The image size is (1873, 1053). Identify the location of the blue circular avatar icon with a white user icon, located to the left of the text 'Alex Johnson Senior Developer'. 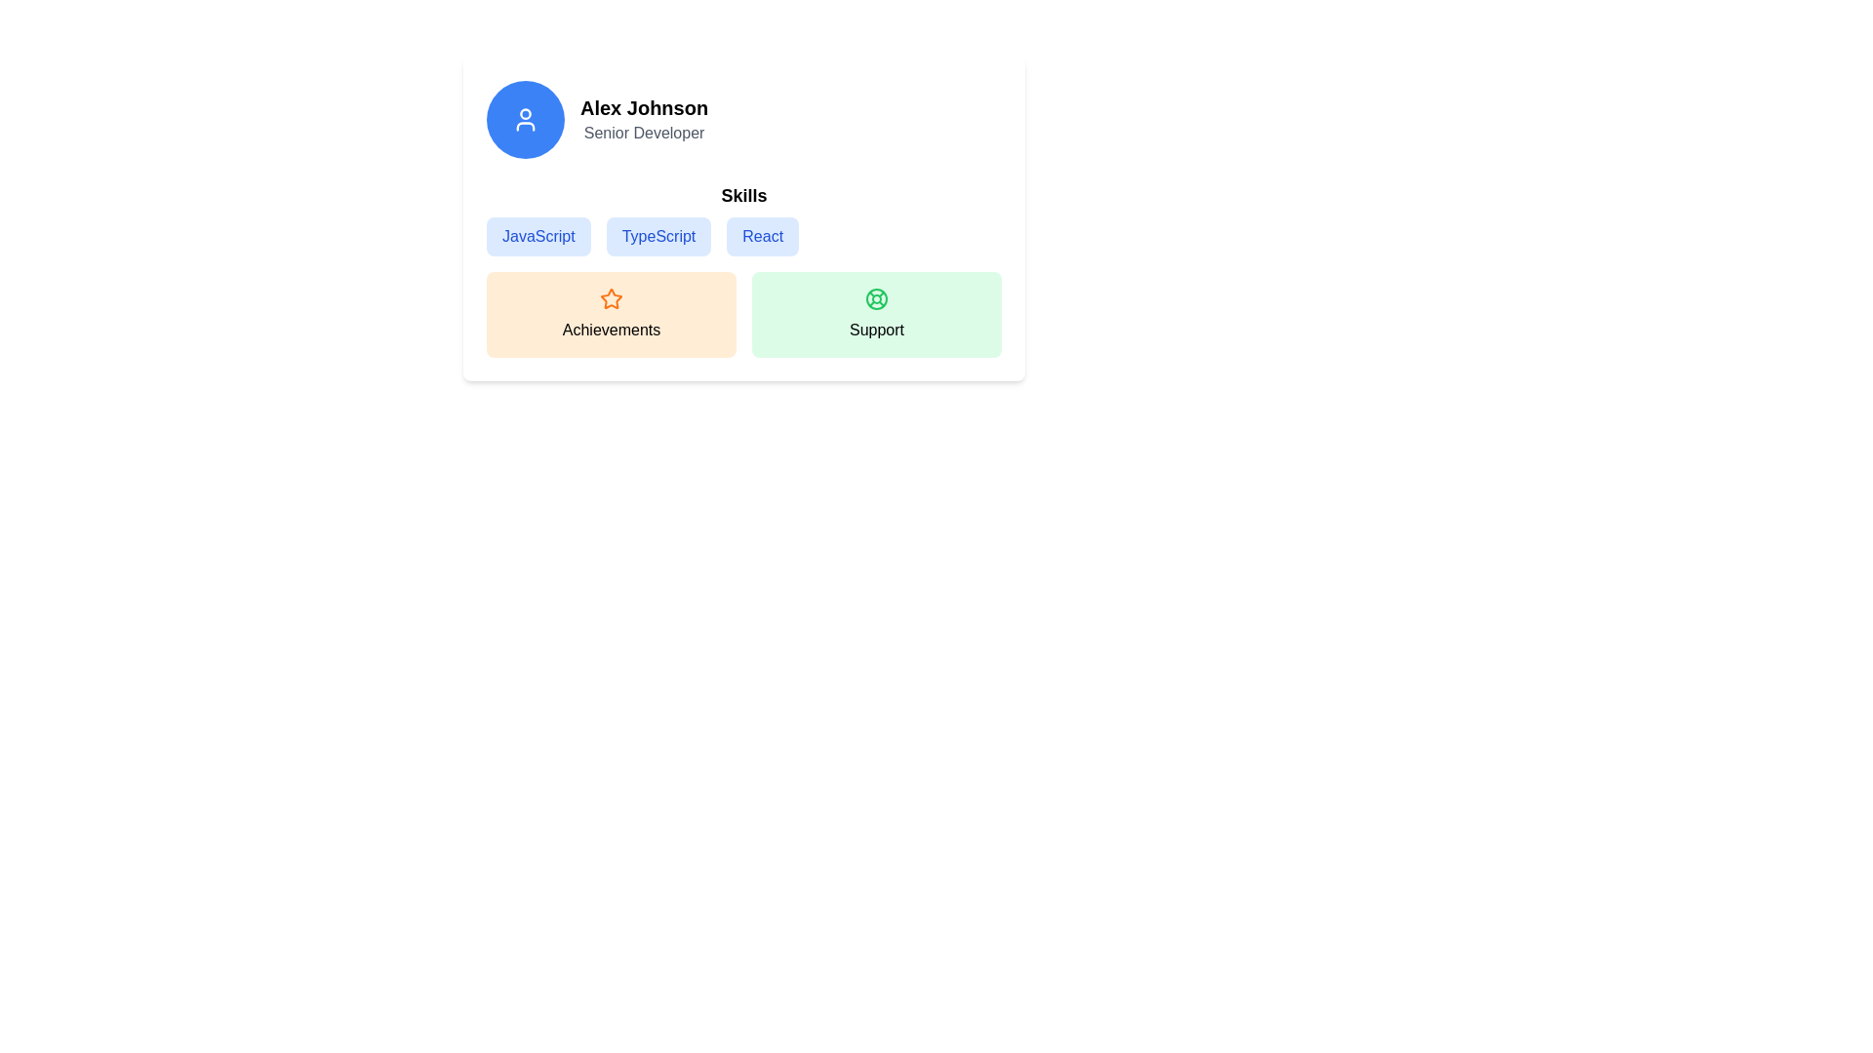
(525, 120).